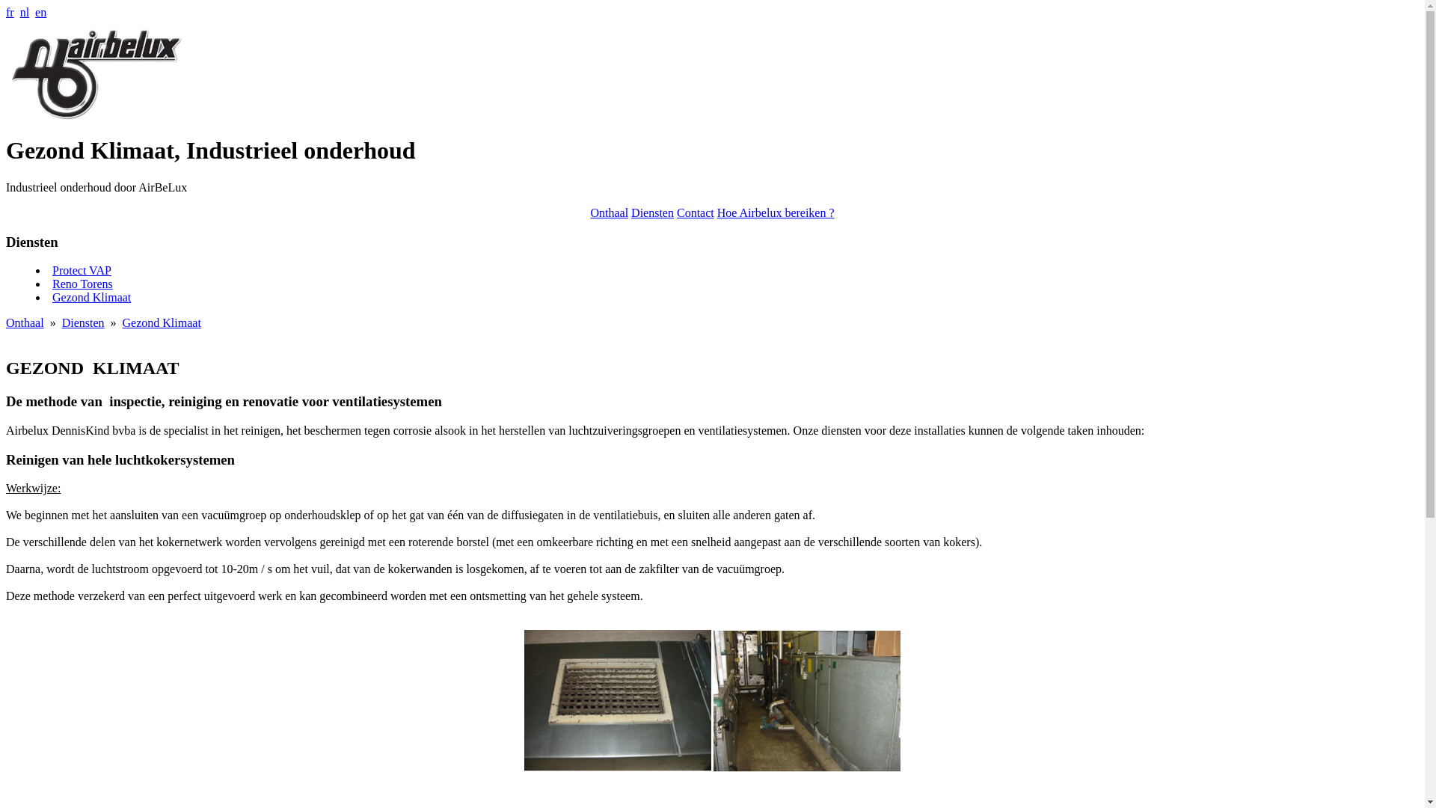 The image size is (1436, 808). I want to click on 'Diensten', so click(82, 322).